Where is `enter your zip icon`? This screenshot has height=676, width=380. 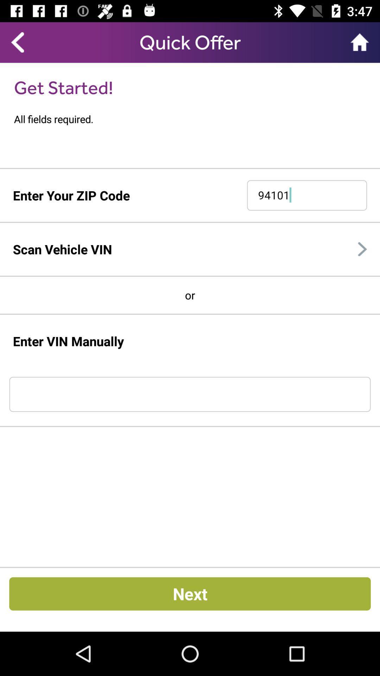
enter your zip icon is located at coordinates (71, 195).